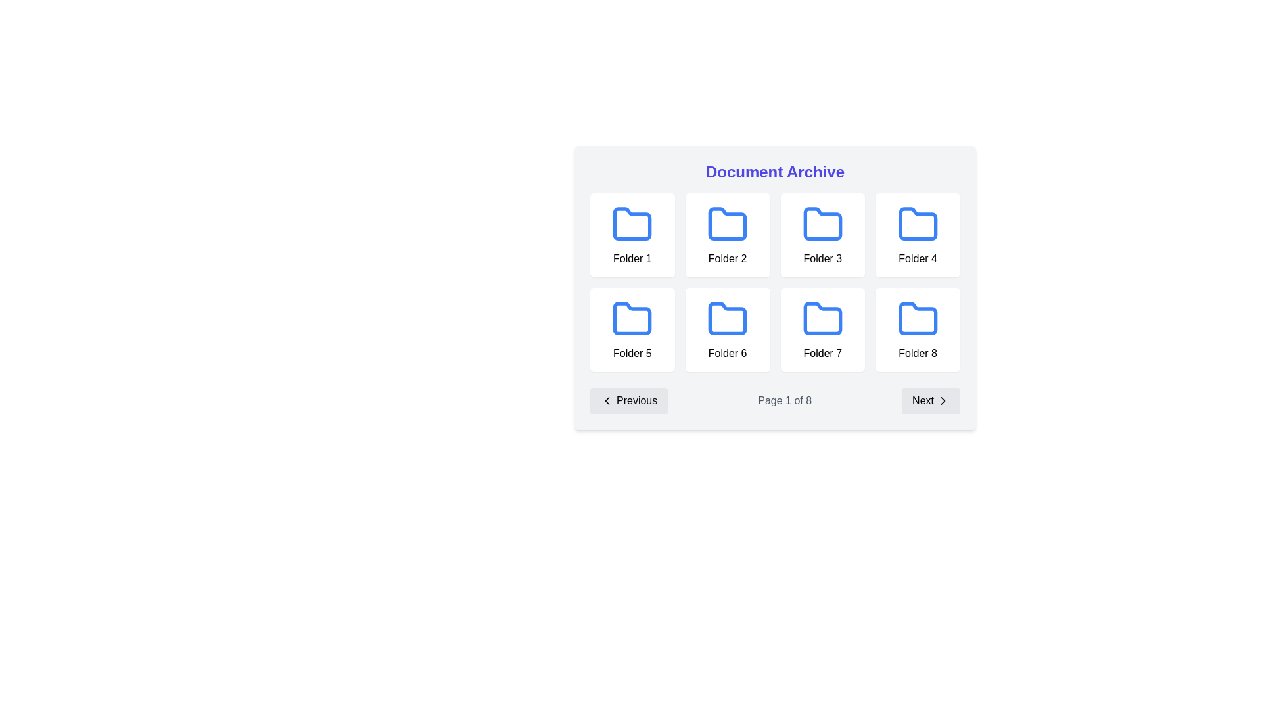 The image size is (1262, 710). Describe the element at coordinates (917, 352) in the screenshot. I see `the text label 'Folder 8' located beneath its corresponding folder icon` at that location.